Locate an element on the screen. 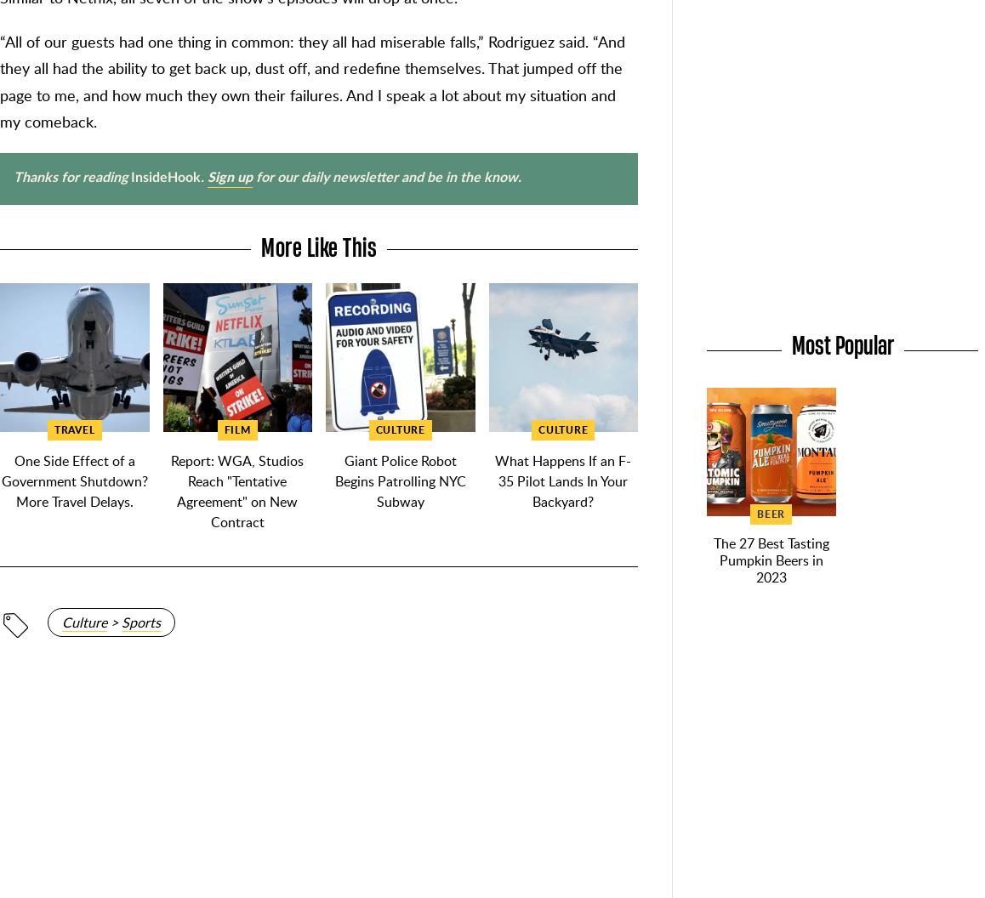 The height and width of the screenshot is (898, 985). 'InsideHook' is located at coordinates (166, 176).